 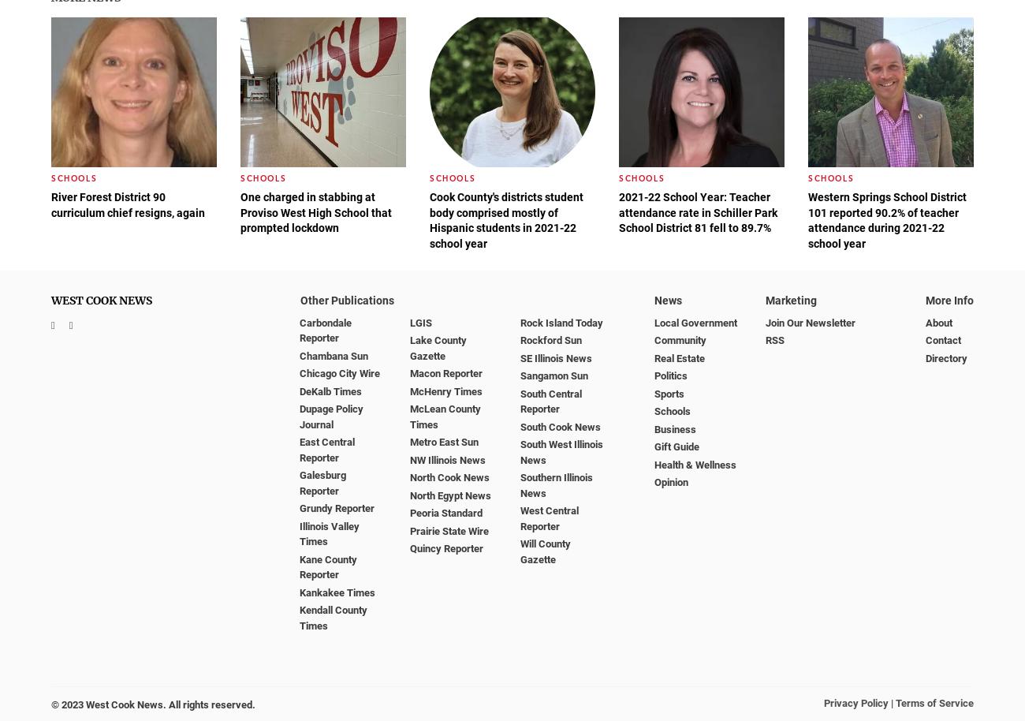 I want to click on 'Local Government', so click(x=694, y=322).